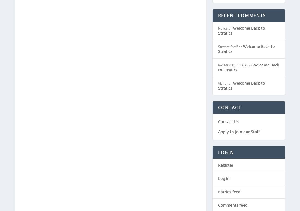  I want to click on 'Contact Us', so click(218, 91).